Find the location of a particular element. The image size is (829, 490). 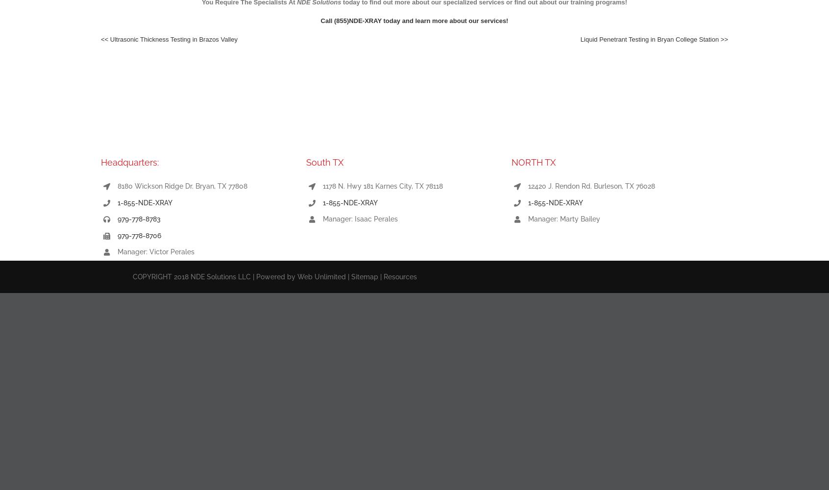

'Call (855)NDE-XRAY today and learn more about our services!' is located at coordinates (414, 21).